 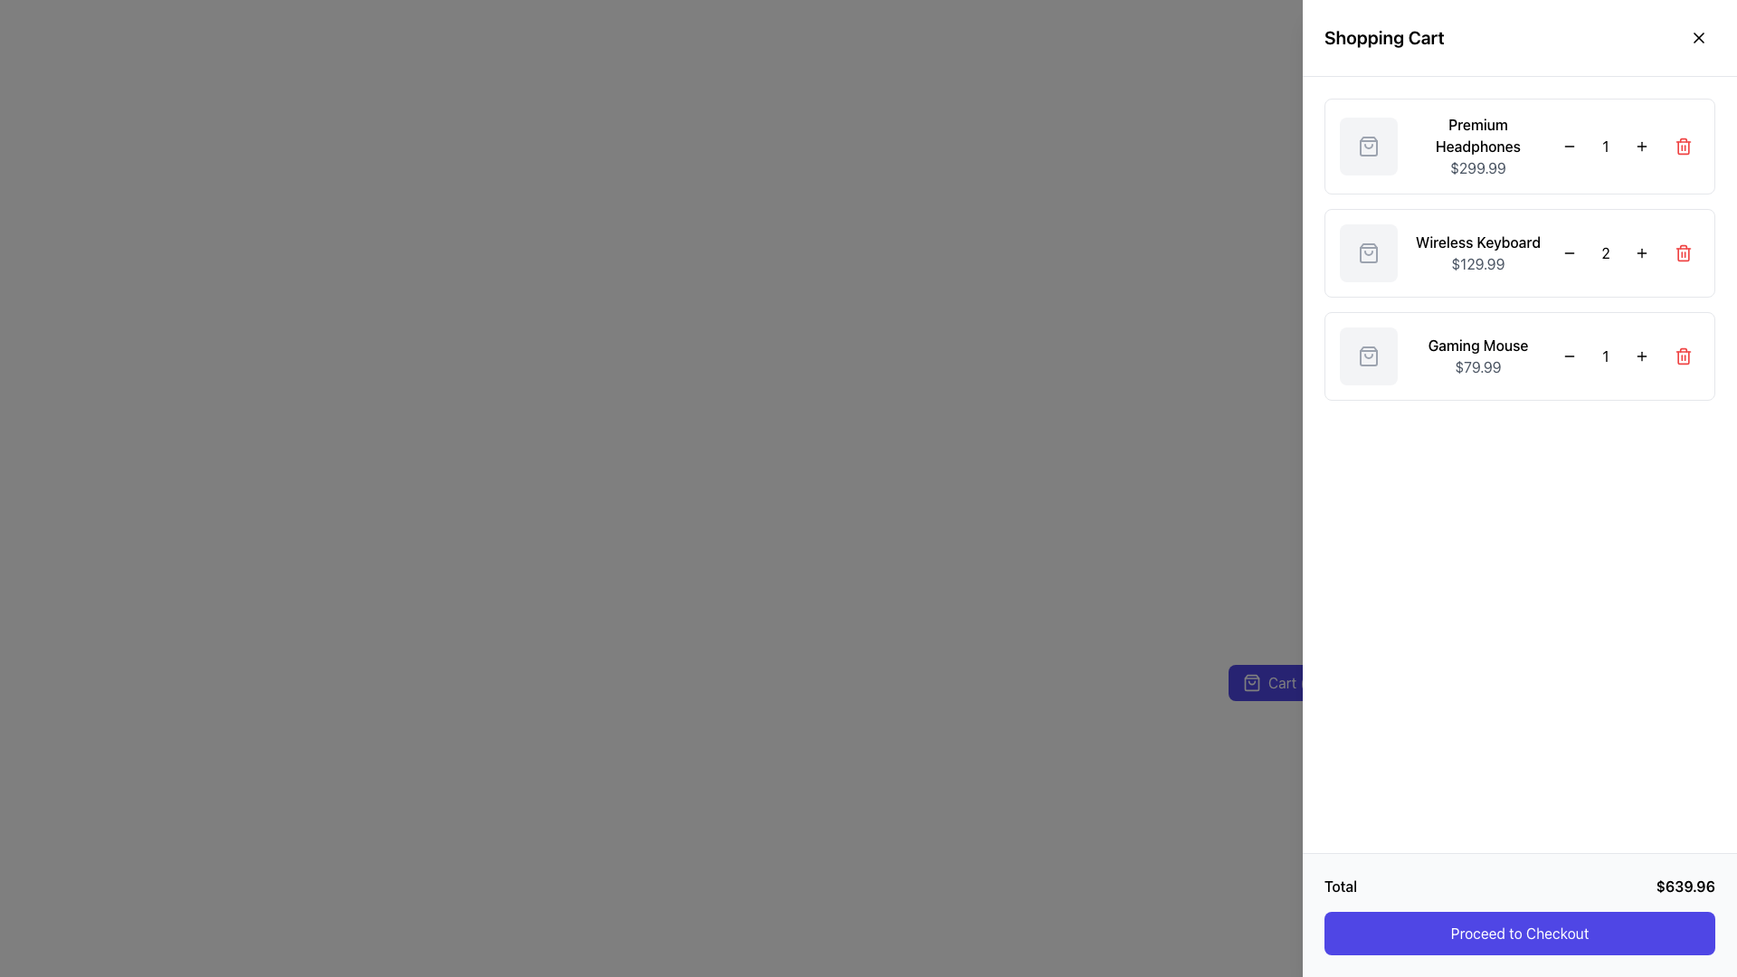 What do you see at coordinates (1368, 253) in the screenshot?
I see `the square-shaped icon displaying a product image, which features a stylized shopping bag symbol in a light gray background, located to the left of the text 'Wireless Keyboard' and '$129.99' in the shopping cart's vertical list` at bounding box center [1368, 253].